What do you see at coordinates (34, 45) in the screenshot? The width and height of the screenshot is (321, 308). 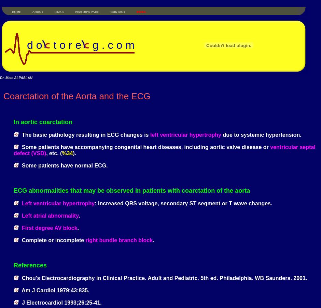 I see `'d o'` at bounding box center [34, 45].